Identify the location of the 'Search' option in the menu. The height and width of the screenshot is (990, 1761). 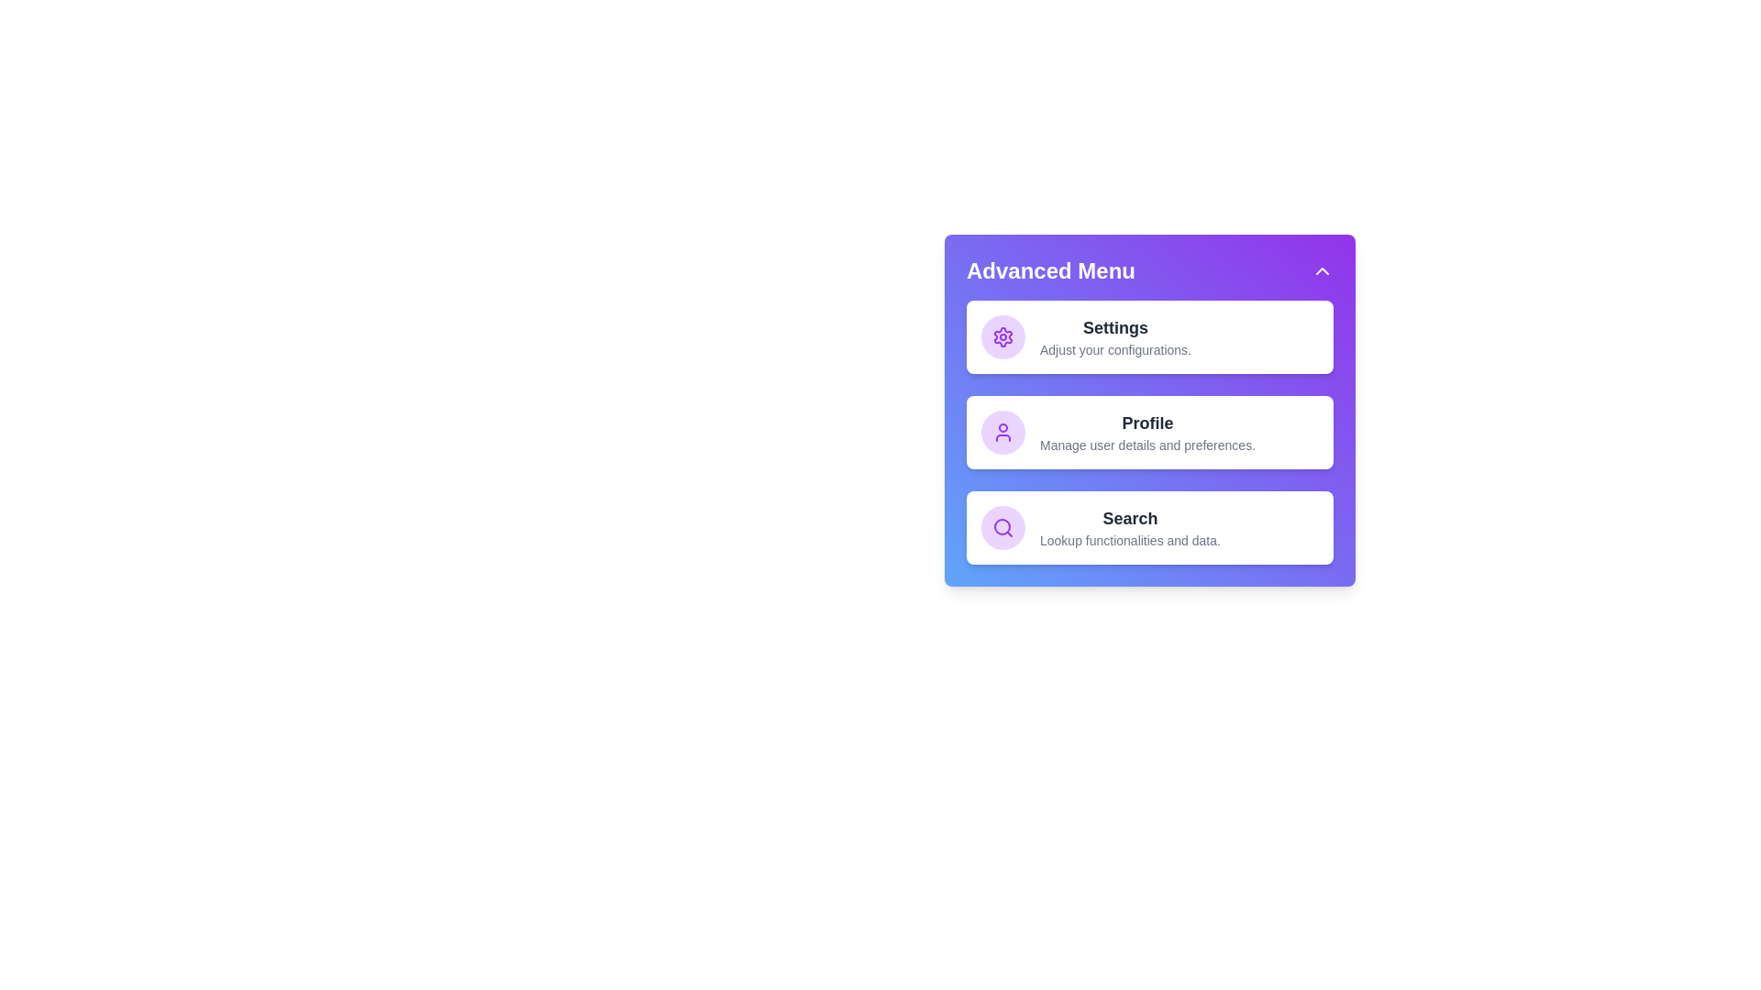
(1148, 527).